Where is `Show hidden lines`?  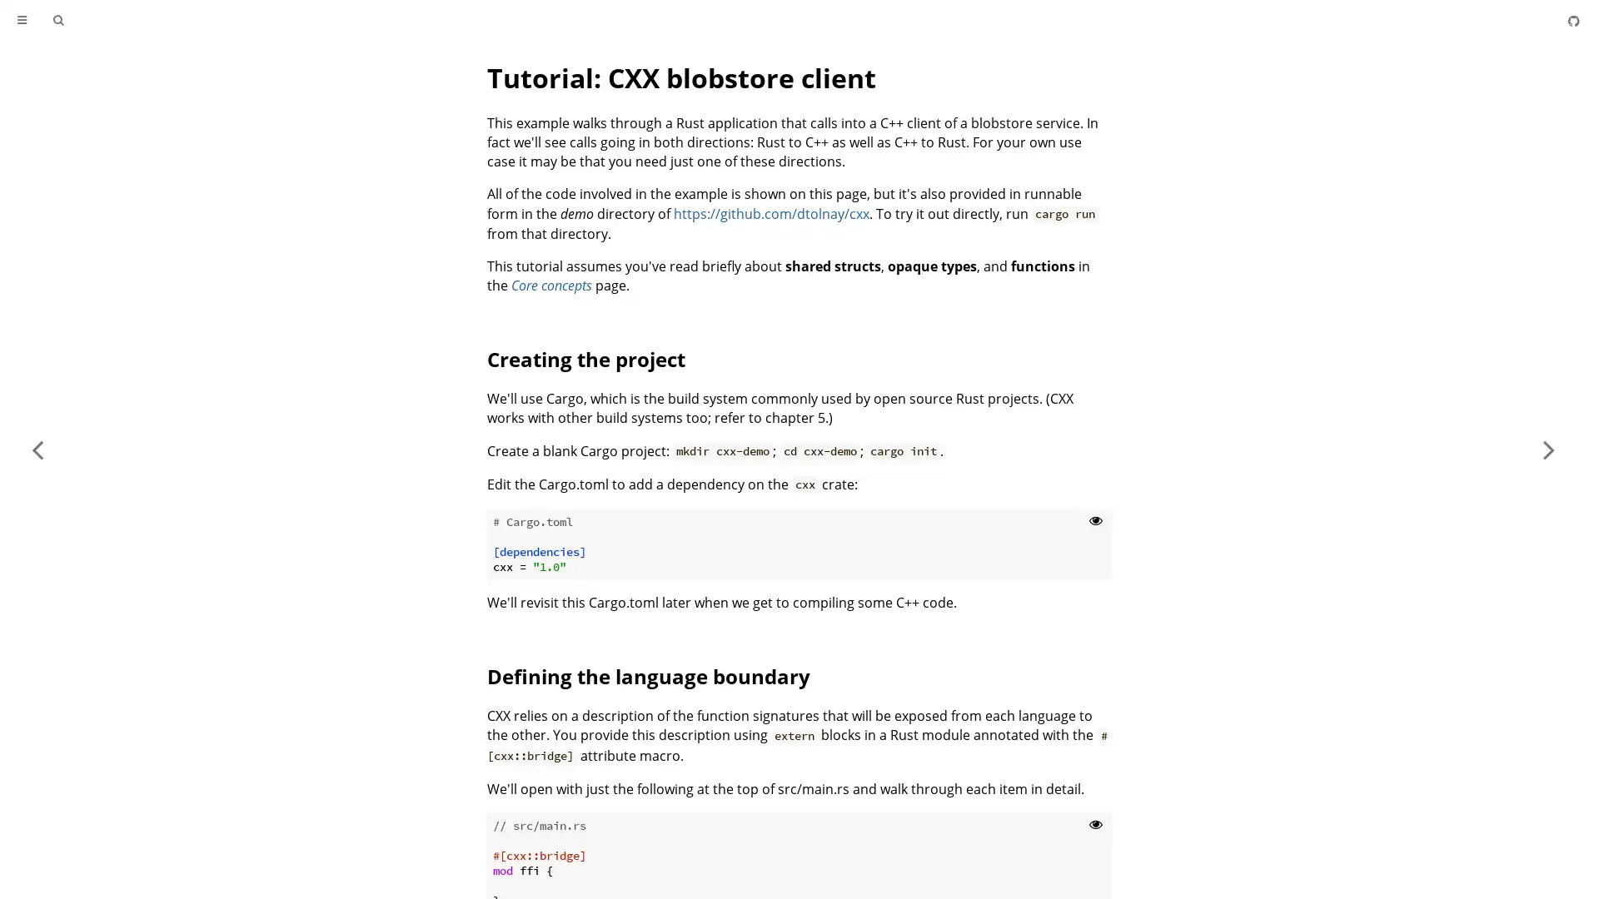 Show hidden lines is located at coordinates (1095, 822).